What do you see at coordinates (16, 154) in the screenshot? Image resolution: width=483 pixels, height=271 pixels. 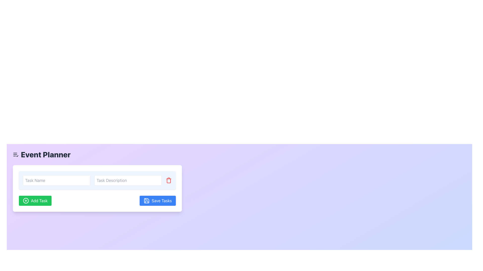 I see `the leftmost icon adjacent to the 'Event Planner' text, which symbolizes a checklist or tasks, located on a light lavender background` at bounding box center [16, 154].